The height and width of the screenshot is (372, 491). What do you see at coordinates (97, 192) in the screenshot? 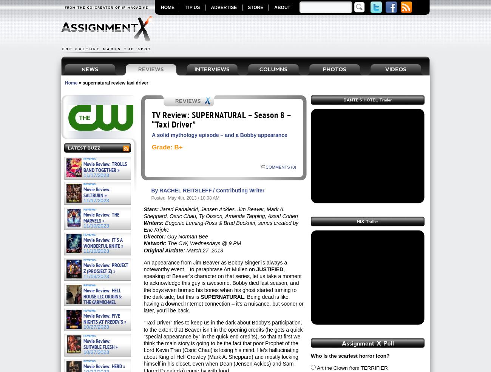
I see `'Movie Review: SALTBURN »'` at bounding box center [97, 192].